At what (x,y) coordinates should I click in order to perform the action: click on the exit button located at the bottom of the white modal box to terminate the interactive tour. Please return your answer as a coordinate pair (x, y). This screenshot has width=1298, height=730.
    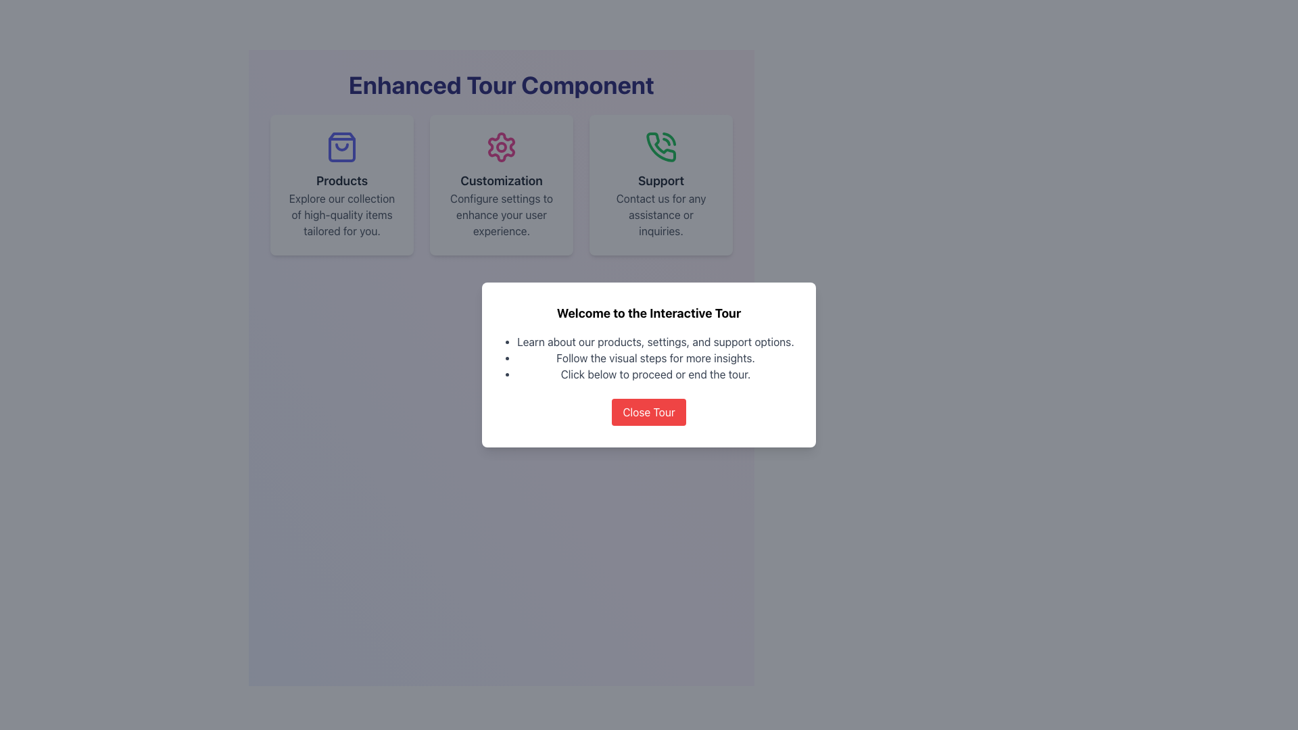
    Looking at the image, I should click on (649, 411).